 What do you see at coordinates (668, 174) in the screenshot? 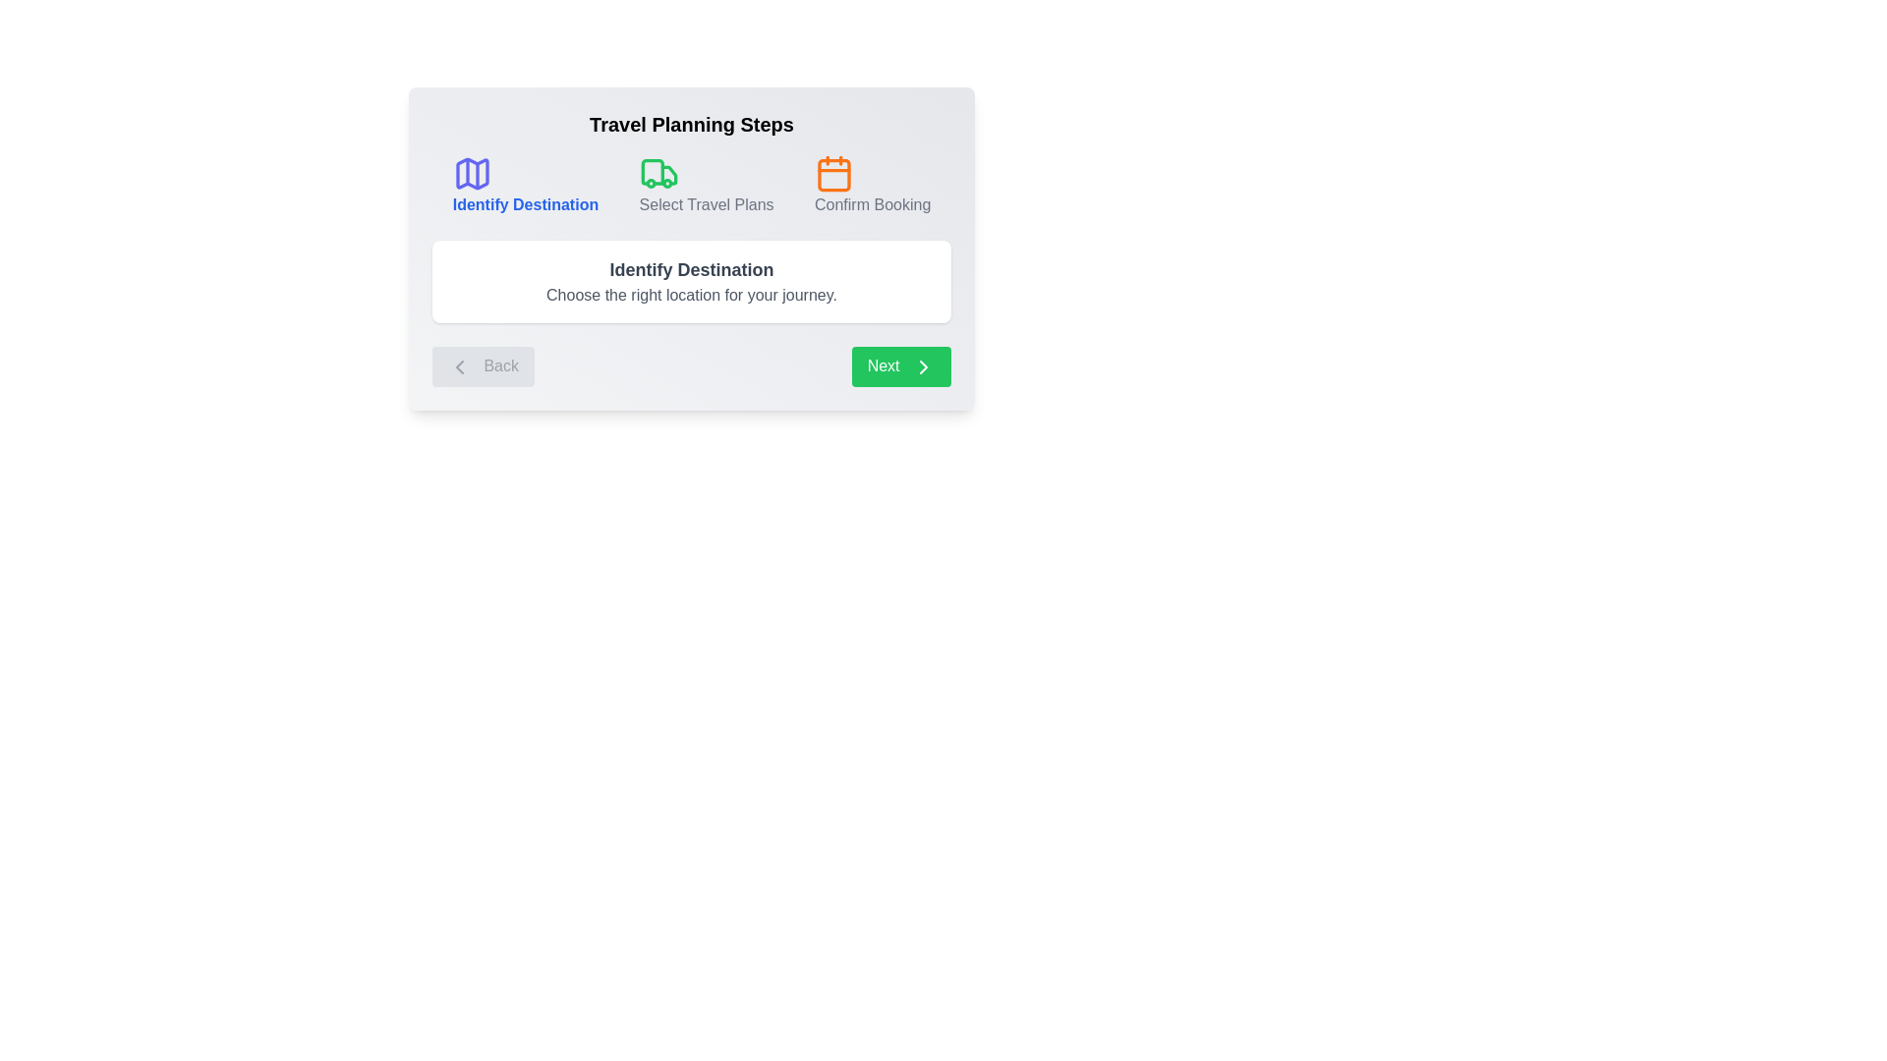
I see `the green line segment of the truck-like shape in the 'Select Travel Plans' step, which is the second icon in the top section of the step indicator bar` at bounding box center [668, 174].